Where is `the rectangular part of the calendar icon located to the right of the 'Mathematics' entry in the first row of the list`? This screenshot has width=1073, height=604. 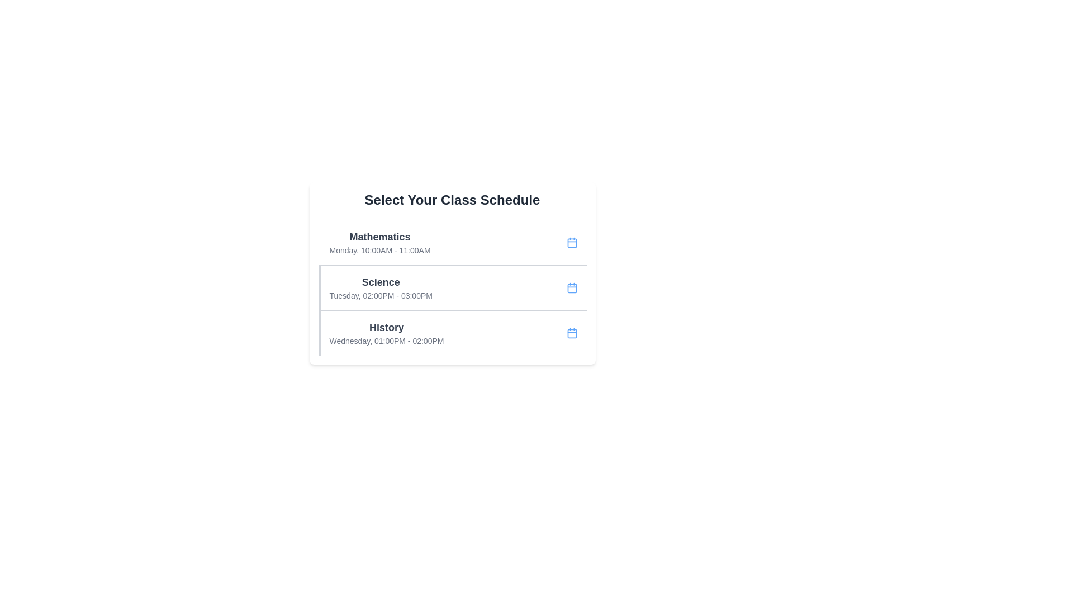 the rectangular part of the calendar icon located to the right of the 'Mathematics' entry in the first row of the list is located at coordinates (572, 242).